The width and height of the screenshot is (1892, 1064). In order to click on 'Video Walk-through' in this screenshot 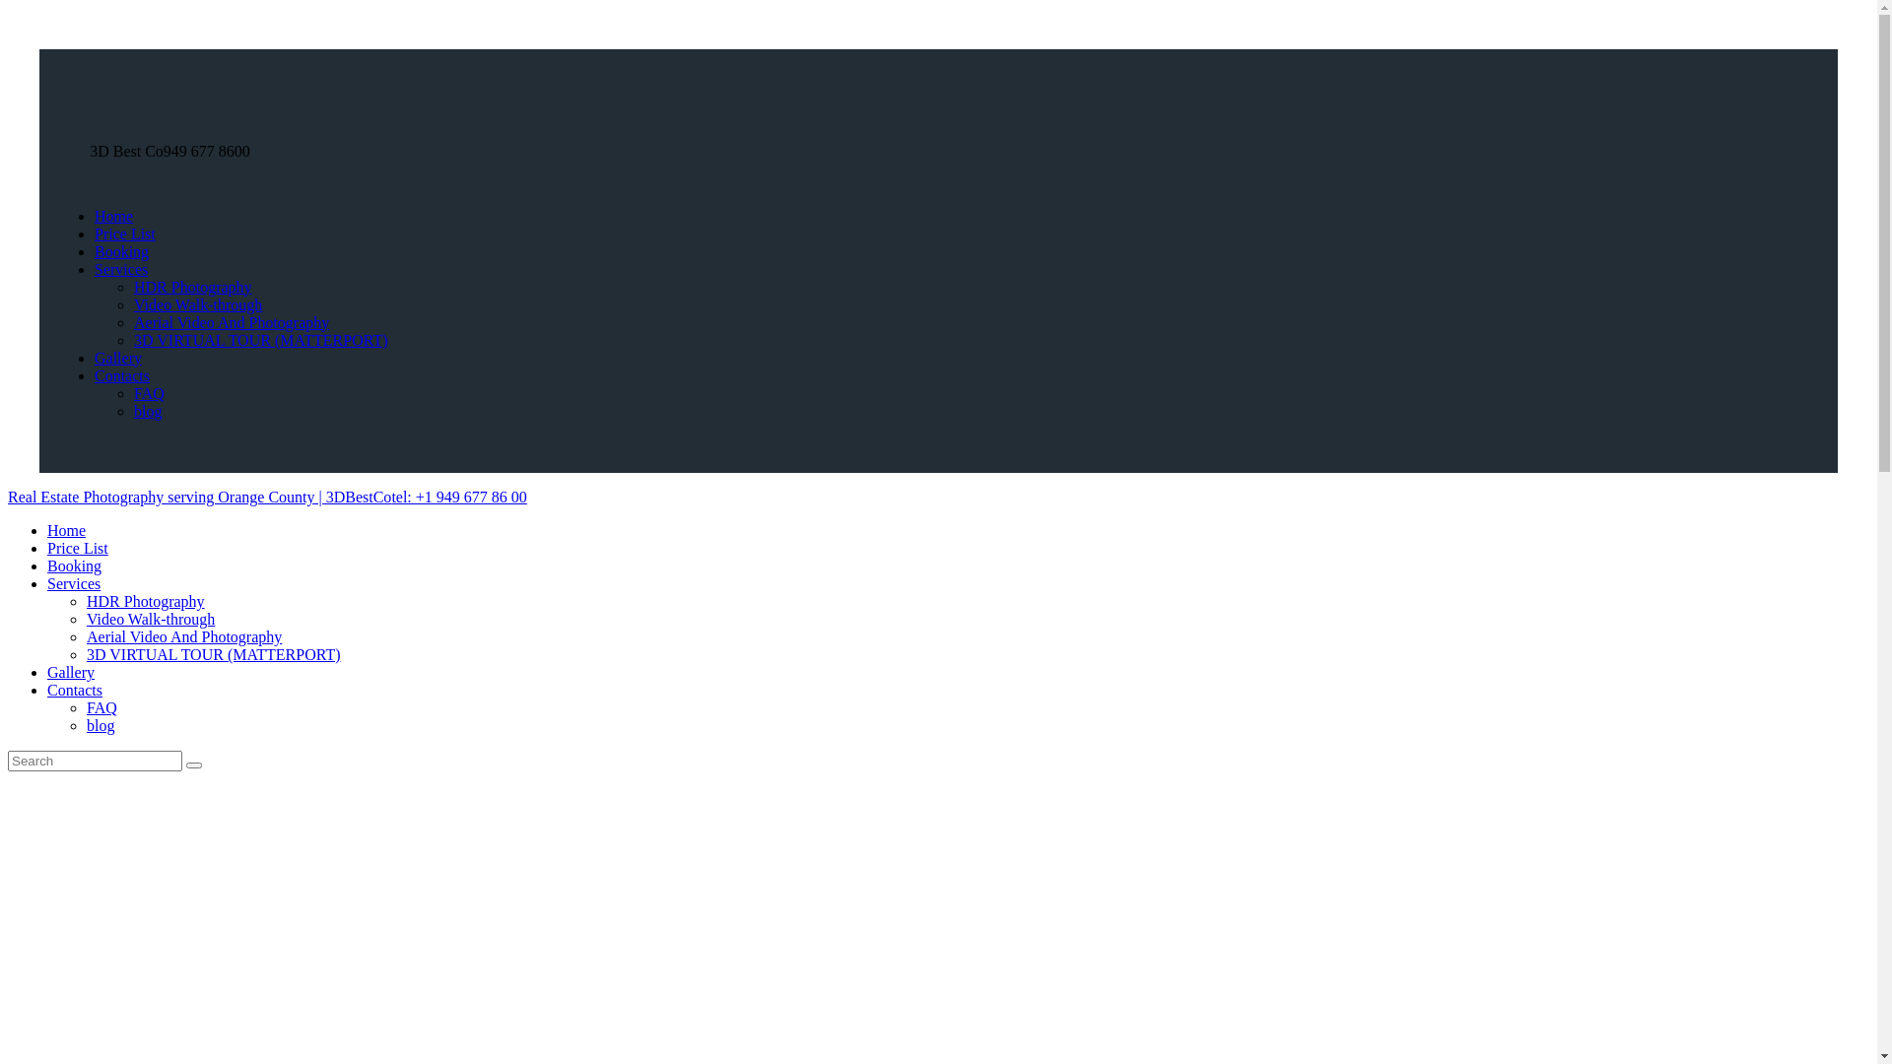, I will do `click(85, 618)`.